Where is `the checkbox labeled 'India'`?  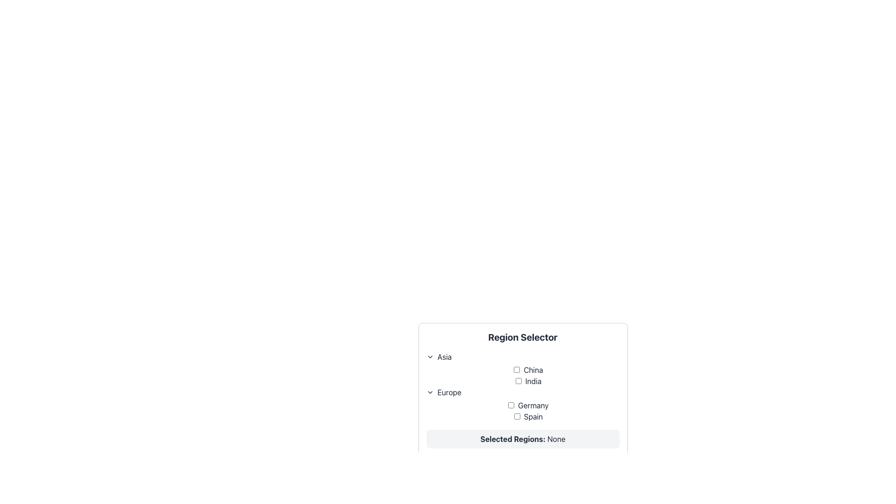 the checkbox labeled 'India' is located at coordinates (528, 381).